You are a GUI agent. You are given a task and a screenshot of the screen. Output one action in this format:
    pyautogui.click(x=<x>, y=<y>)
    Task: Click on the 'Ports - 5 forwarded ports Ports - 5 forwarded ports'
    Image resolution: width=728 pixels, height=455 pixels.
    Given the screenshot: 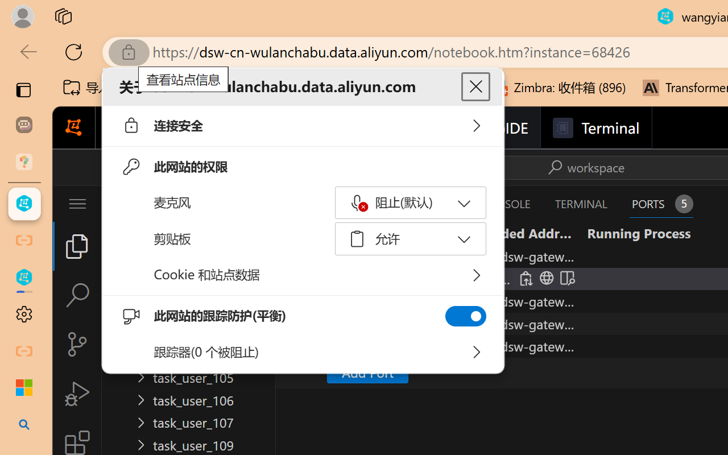 What is the action you would take?
    pyautogui.click(x=661, y=204)
    